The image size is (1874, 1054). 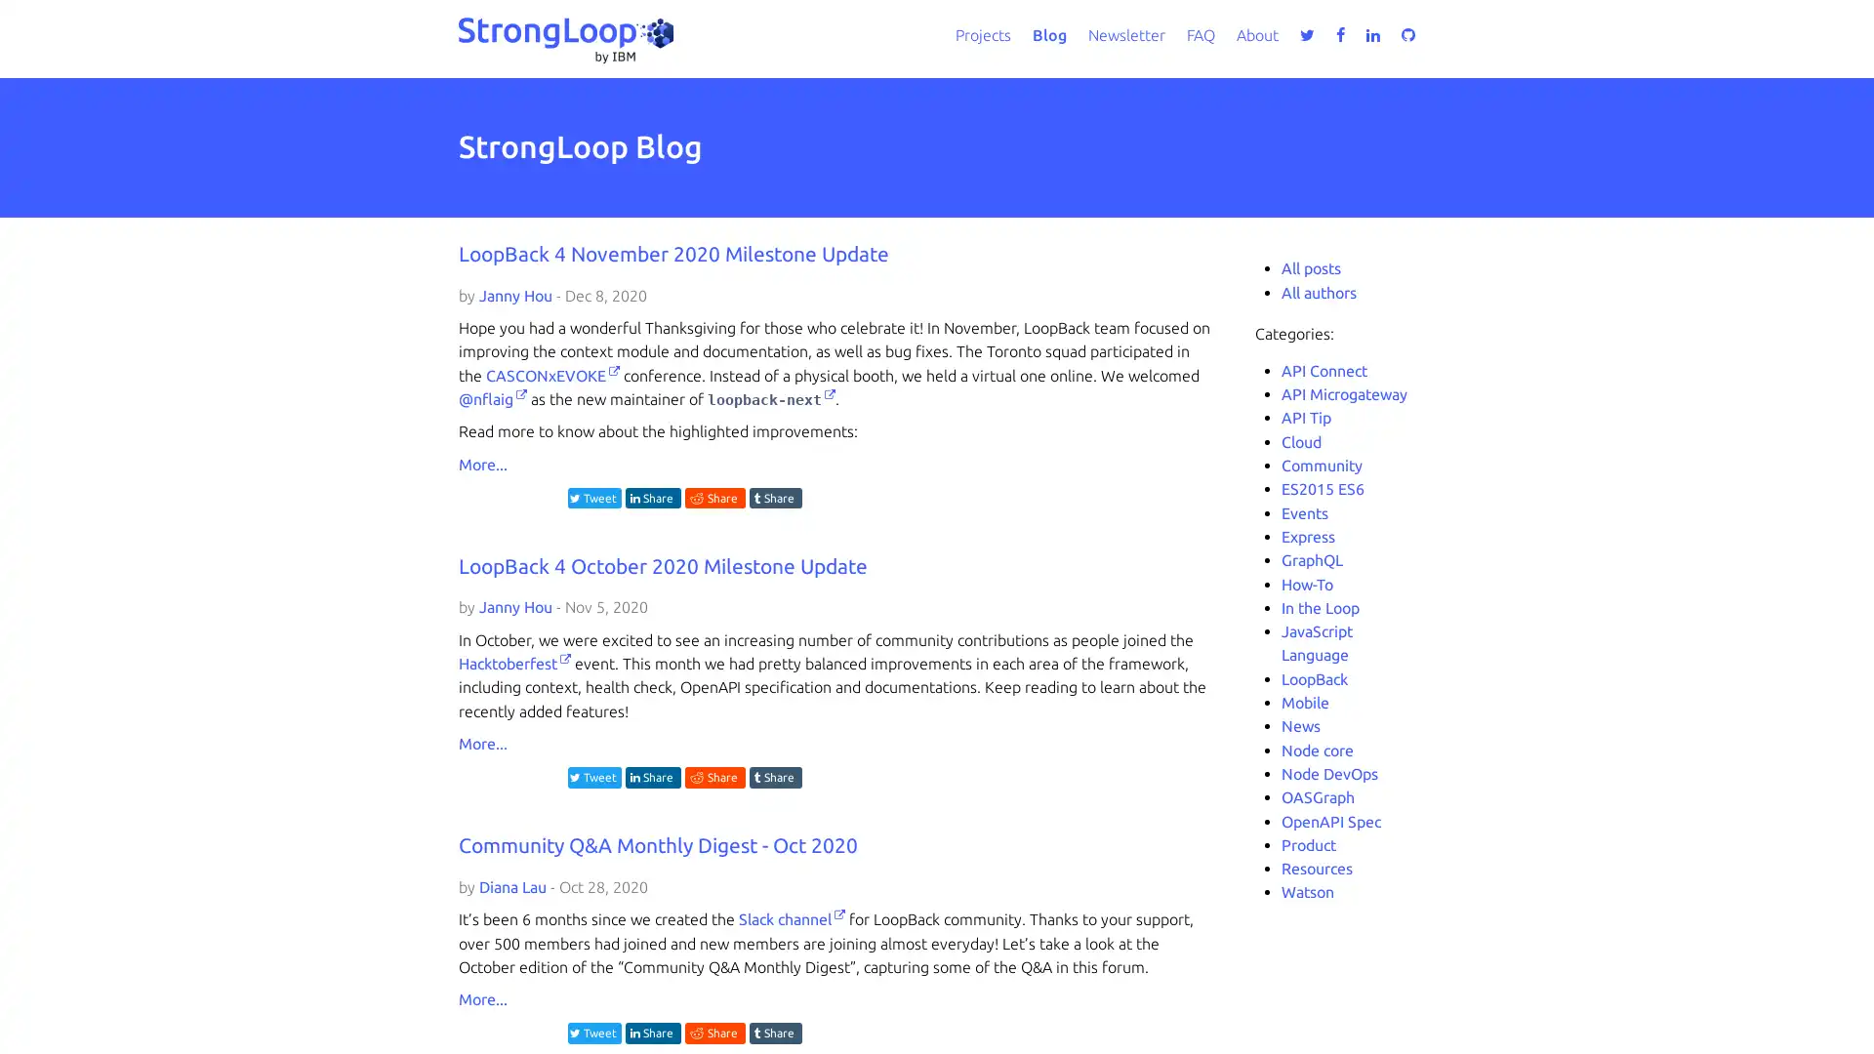 I want to click on close icon, so click(x=1858, y=906).